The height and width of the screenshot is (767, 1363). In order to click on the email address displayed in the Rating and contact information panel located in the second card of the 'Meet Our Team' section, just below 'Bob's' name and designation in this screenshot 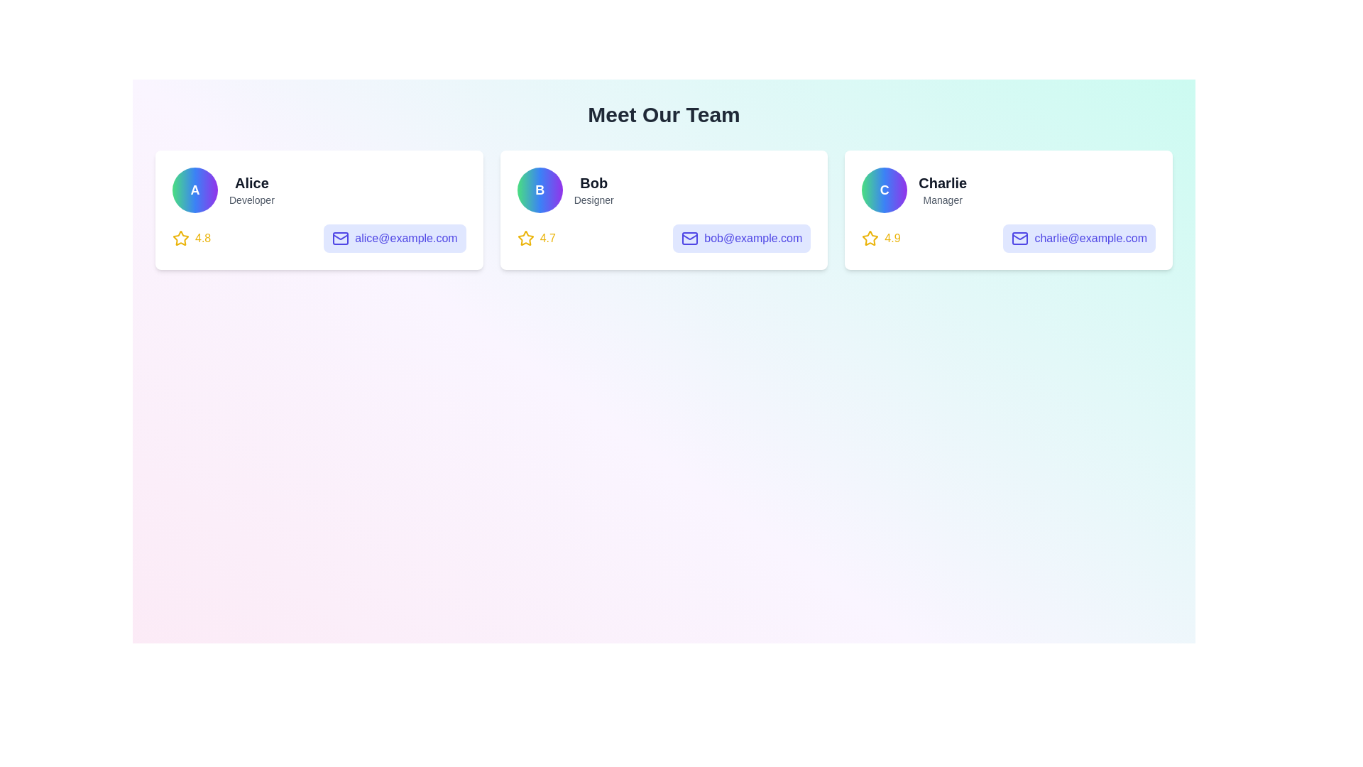, I will do `click(663, 237)`.